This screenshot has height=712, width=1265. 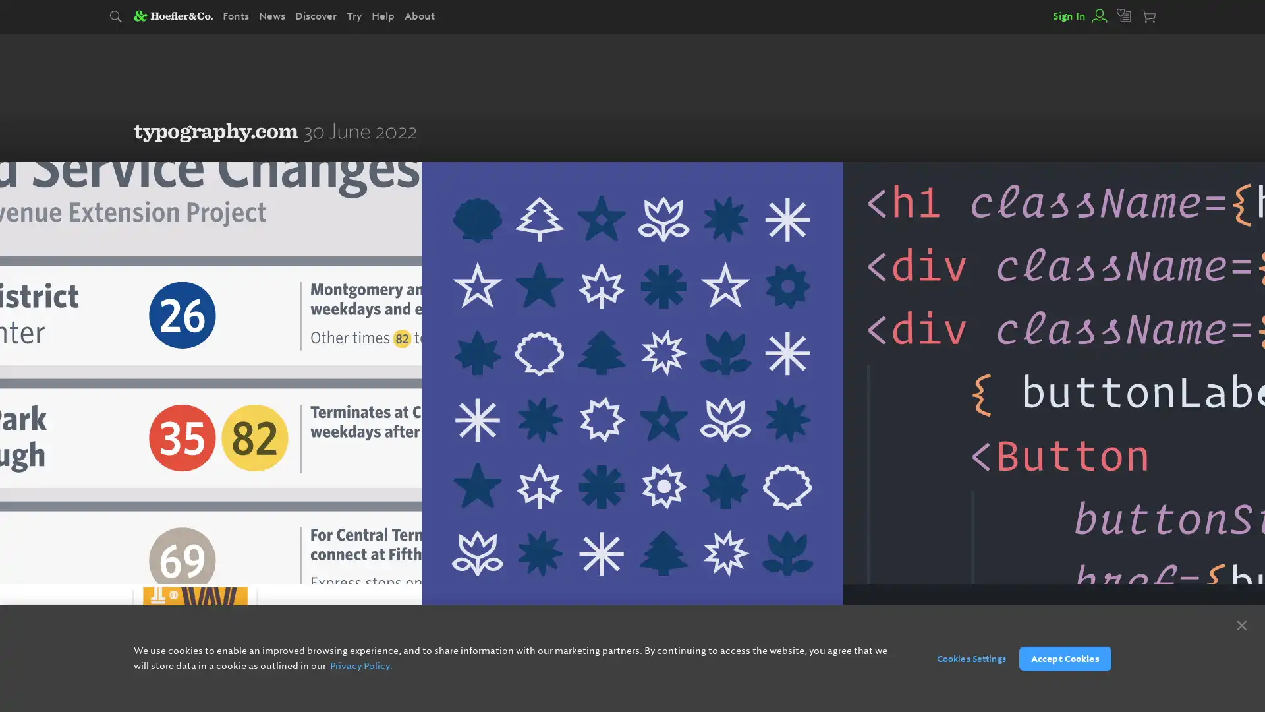 I want to click on Accept Cookies, so click(x=1065, y=658).